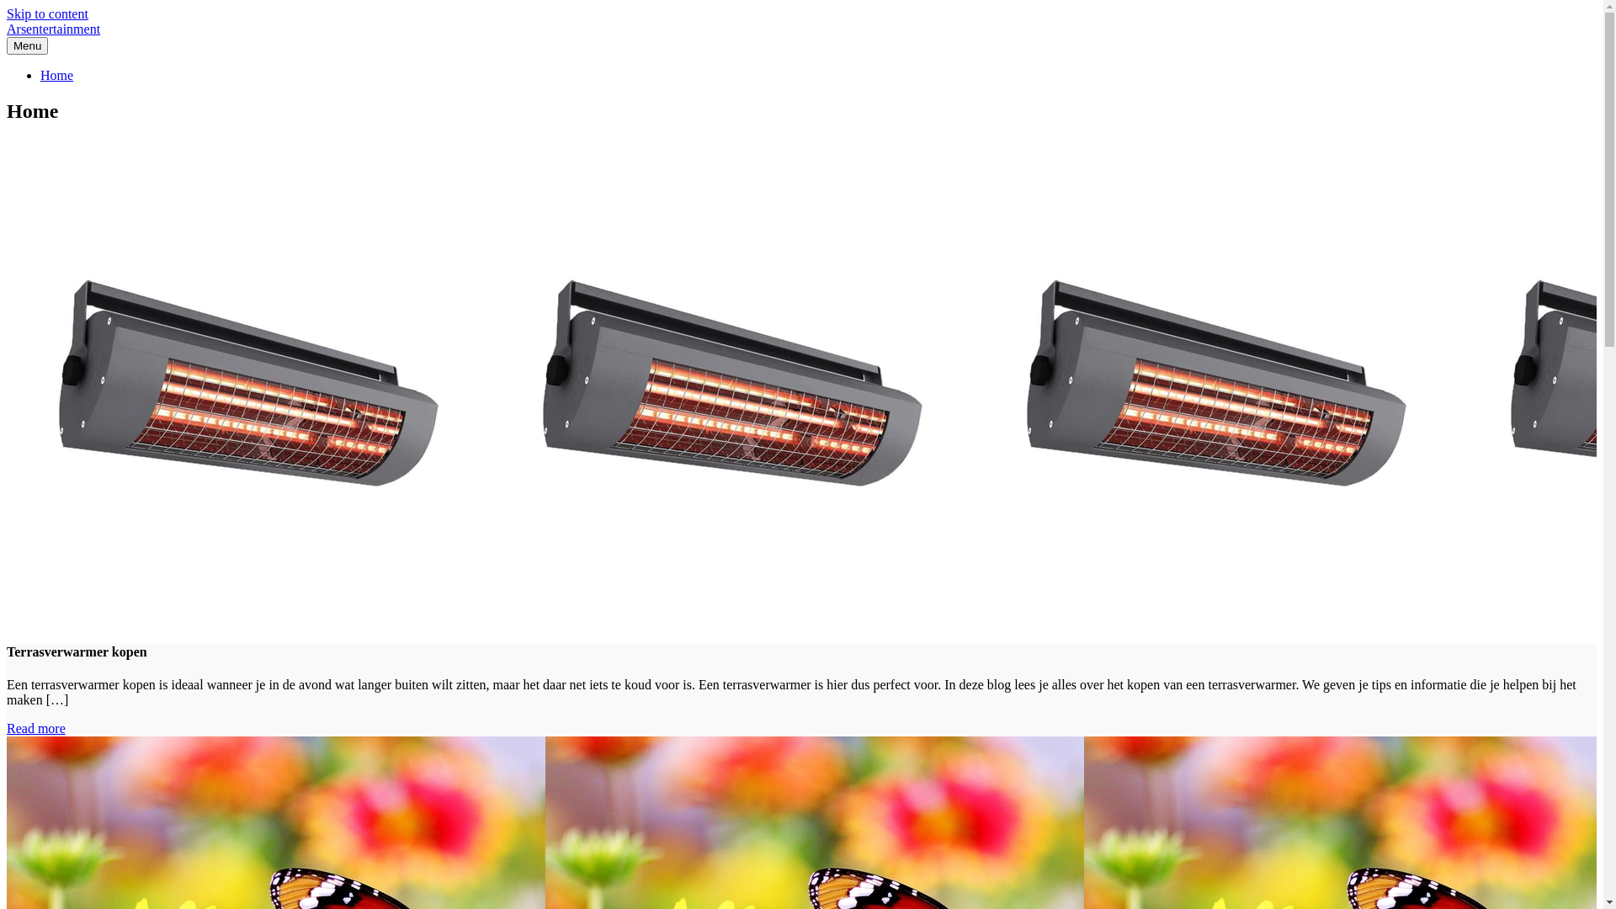 The width and height of the screenshot is (1616, 909). Describe the element at coordinates (36, 727) in the screenshot. I see `'Read more'` at that location.